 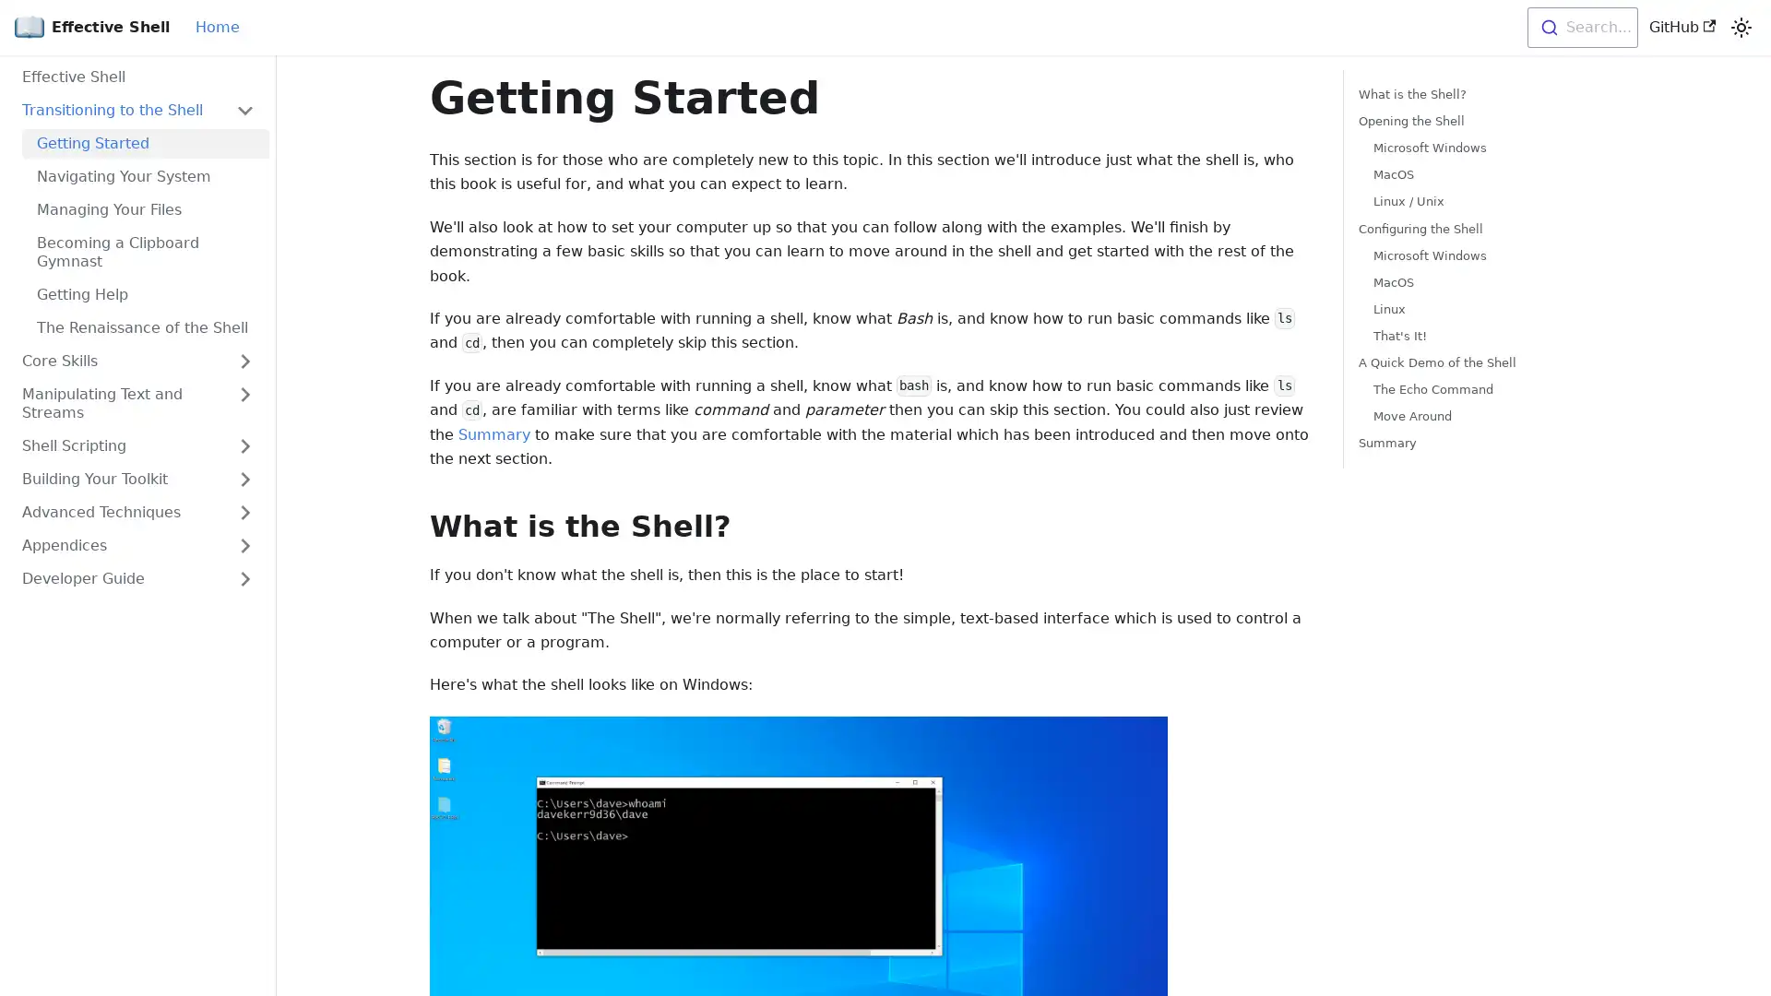 I want to click on Toggle the collapsible sidebar category 'Core Skills', so click(x=244, y=362).